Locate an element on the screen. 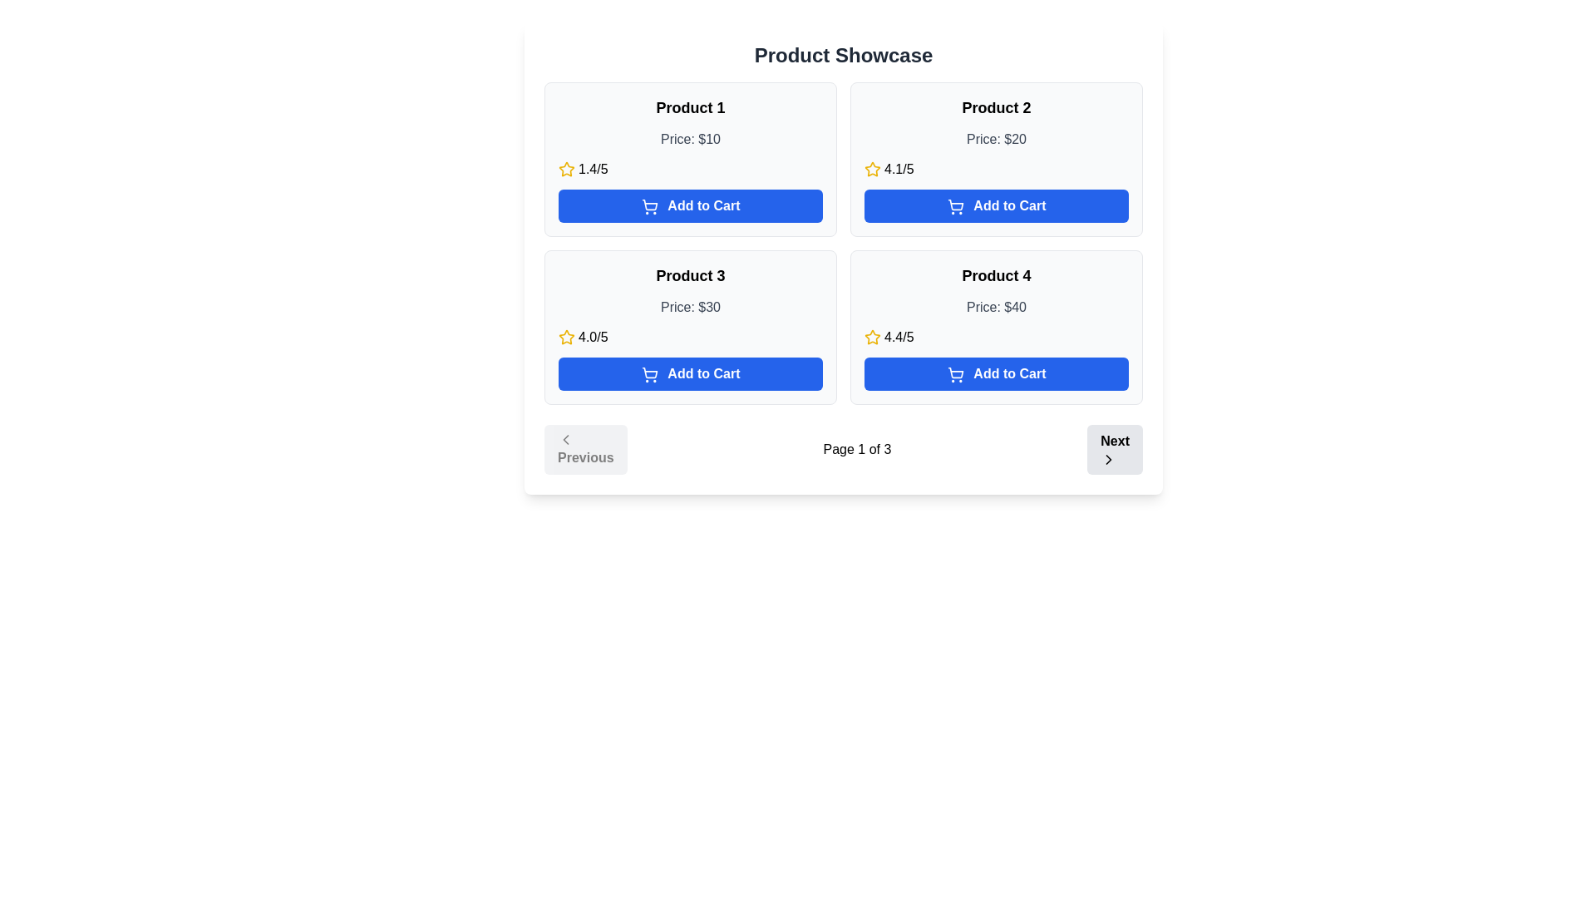 This screenshot has width=1596, height=898. text label identifying the product located at the top of the second product card in the first row's second column of the grid layout is located at coordinates (997, 108).